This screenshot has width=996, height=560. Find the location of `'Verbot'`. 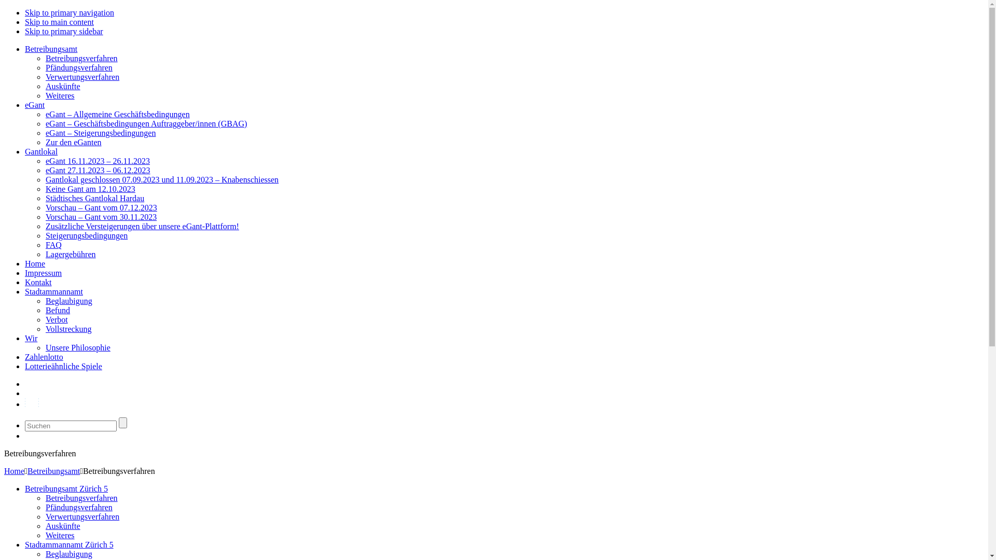

'Verbot' is located at coordinates (56, 319).